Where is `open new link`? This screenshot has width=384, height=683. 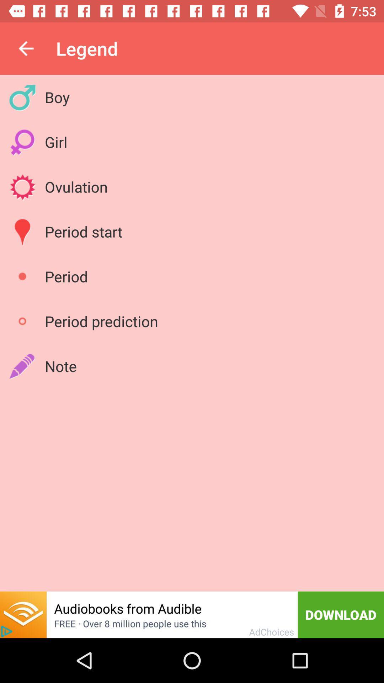 open new link is located at coordinates (23, 614).